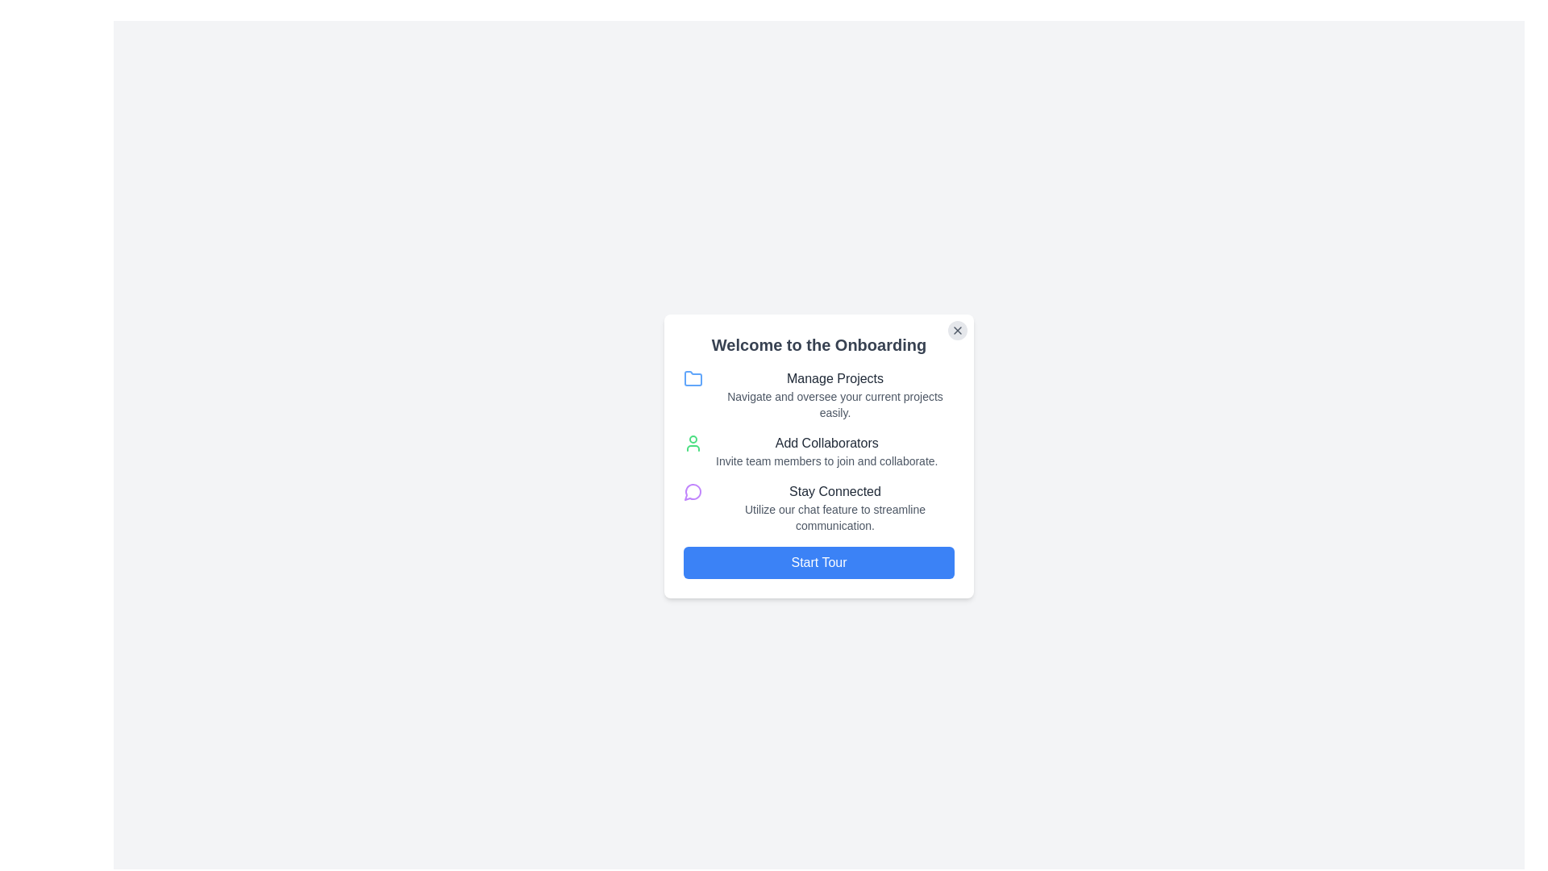 The image size is (1548, 871). I want to click on the 'Add Collaborators' informational section, so click(819, 451).